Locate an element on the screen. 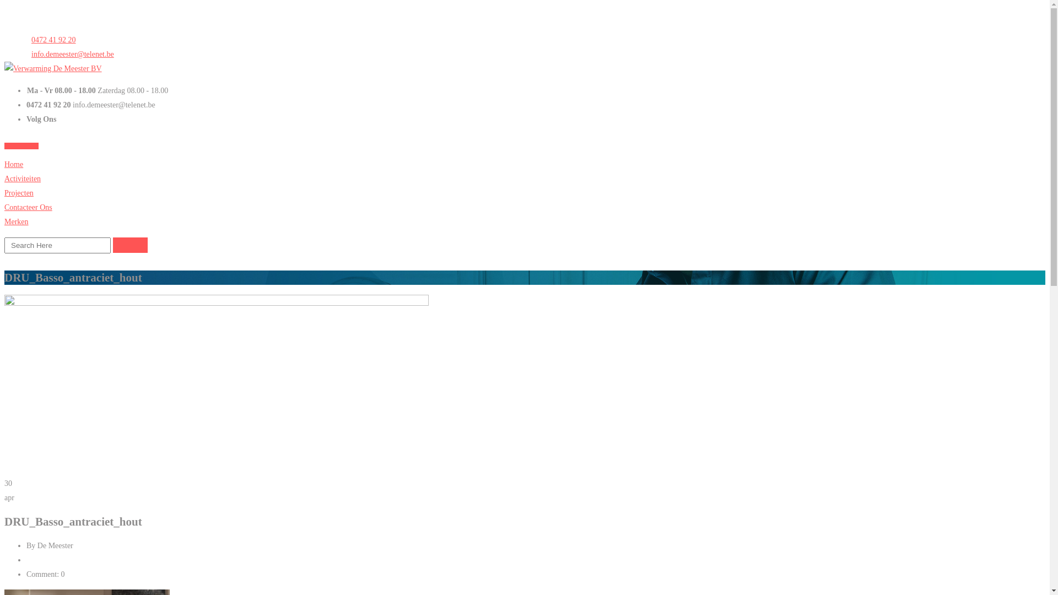 This screenshot has height=595, width=1058. 'Contacteer Ons' is located at coordinates (28, 207).